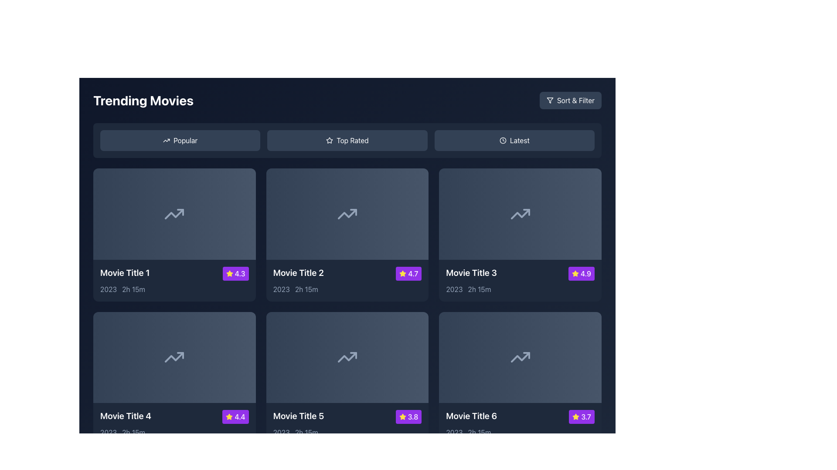 This screenshot has height=470, width=837. I want to click on displayed numeric value '3.7' from the Text Label located at the bottom right corner of the 'Movie Title 6' tile, styled in white font on a purple background, so click(586, 416).